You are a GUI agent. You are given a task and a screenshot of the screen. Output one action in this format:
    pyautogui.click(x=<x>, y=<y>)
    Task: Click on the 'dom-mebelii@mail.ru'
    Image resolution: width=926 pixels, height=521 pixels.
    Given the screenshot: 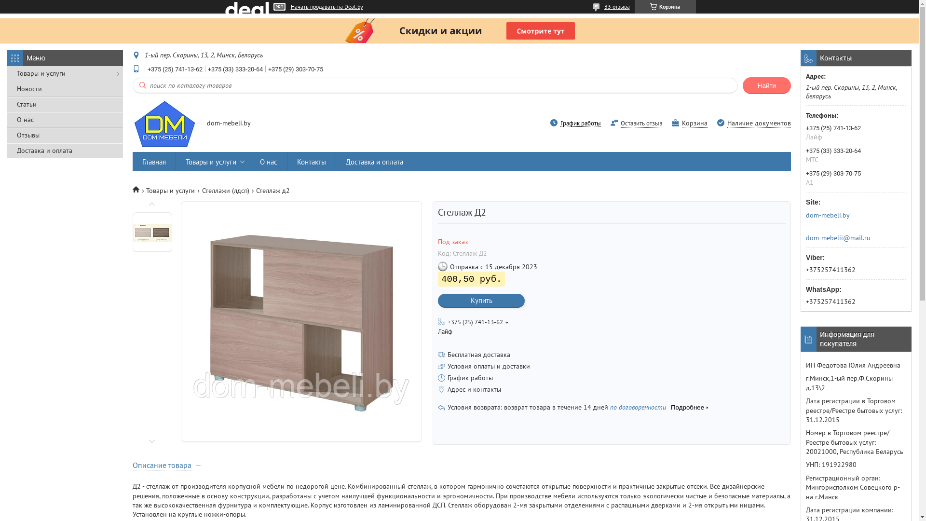 What is the action you would take?
    pyautogui.click(x=837, y=238)
    